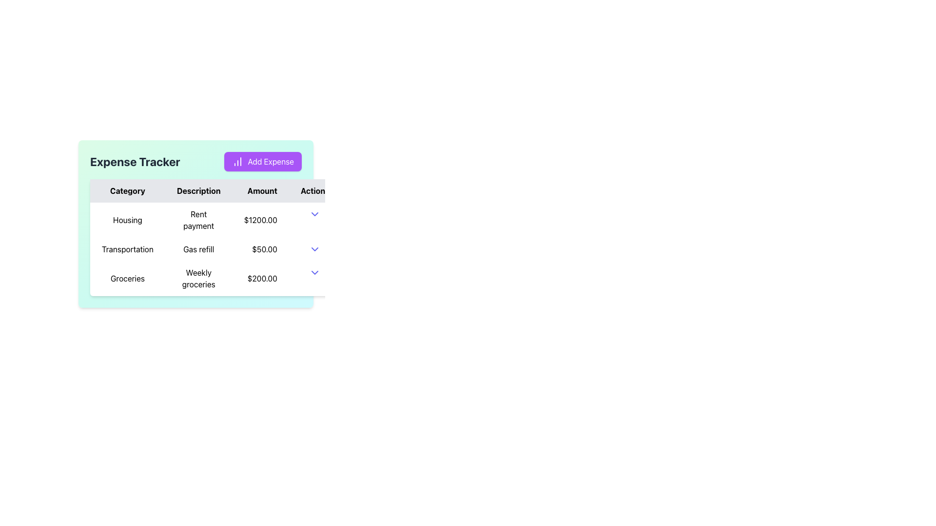 This screenshot has height=526, width=936. Describe the element at coordinates (215, 249) in the screenshot. I see `the second row of the table containing the columns 'Category', 'Description', 'Amount', and an action button, which has the values 'Transportation', 'Gas refill', and '$50.00'` at that location.